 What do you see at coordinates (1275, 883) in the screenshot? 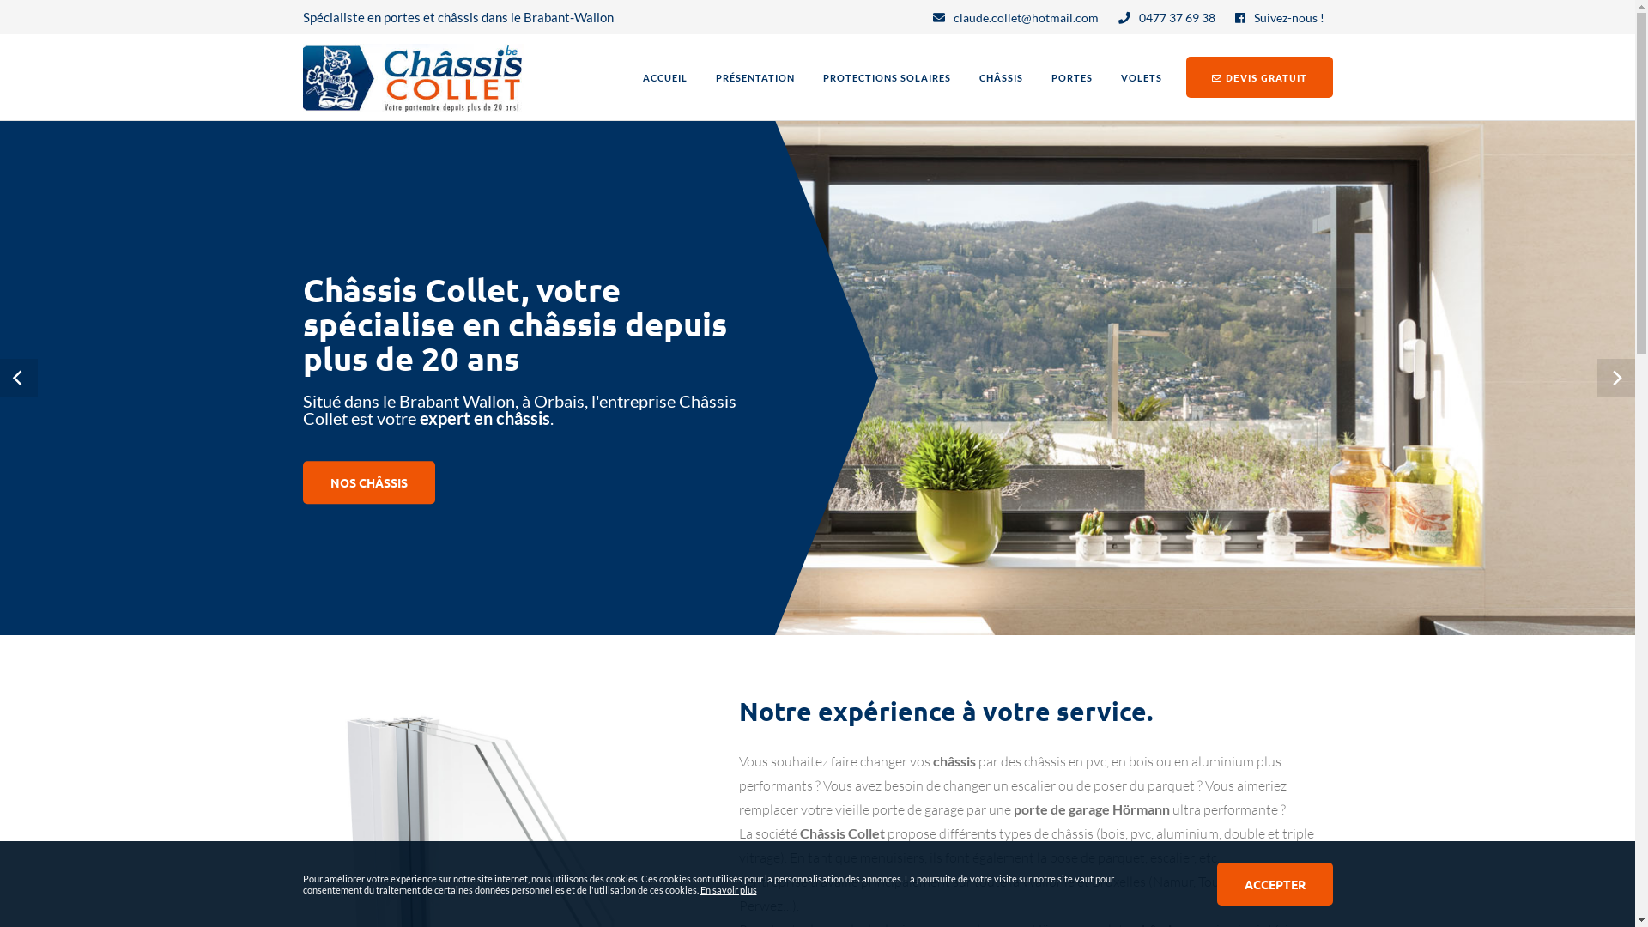
I see `'ACCEPTER'` at bounding box center [1275, 883].